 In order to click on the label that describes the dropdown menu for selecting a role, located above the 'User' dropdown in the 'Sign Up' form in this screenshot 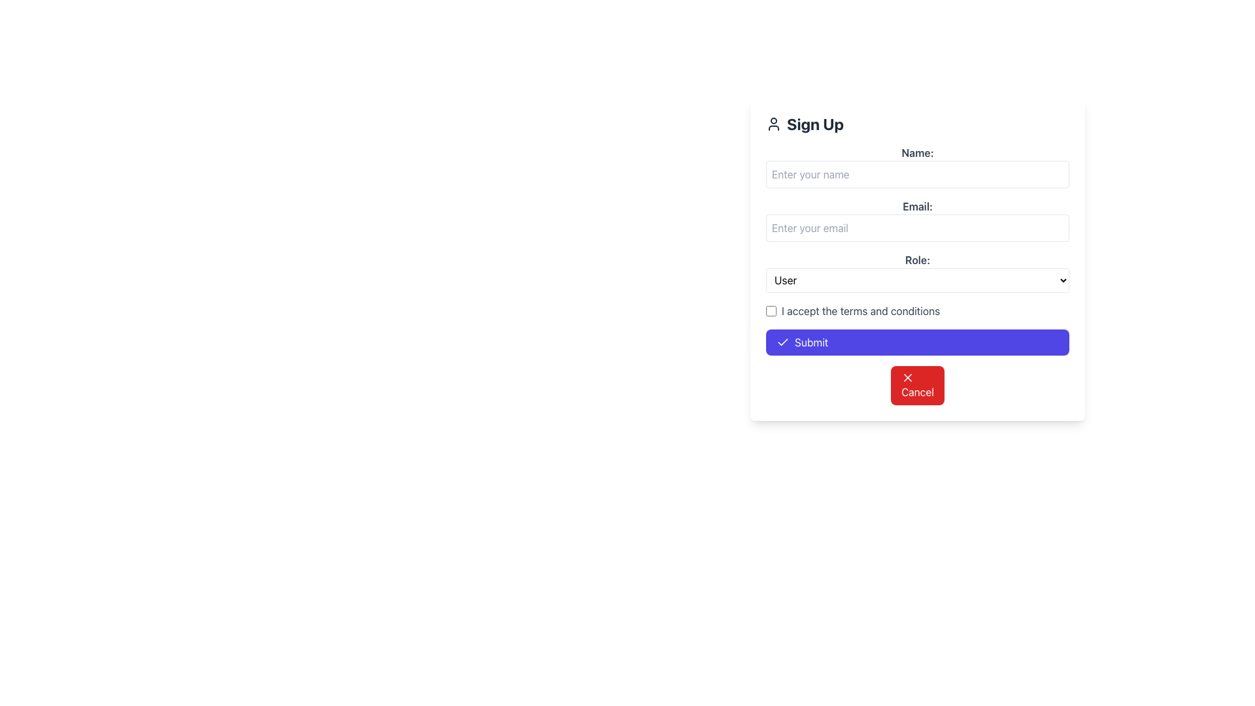, I will do `click(916, 260)`.